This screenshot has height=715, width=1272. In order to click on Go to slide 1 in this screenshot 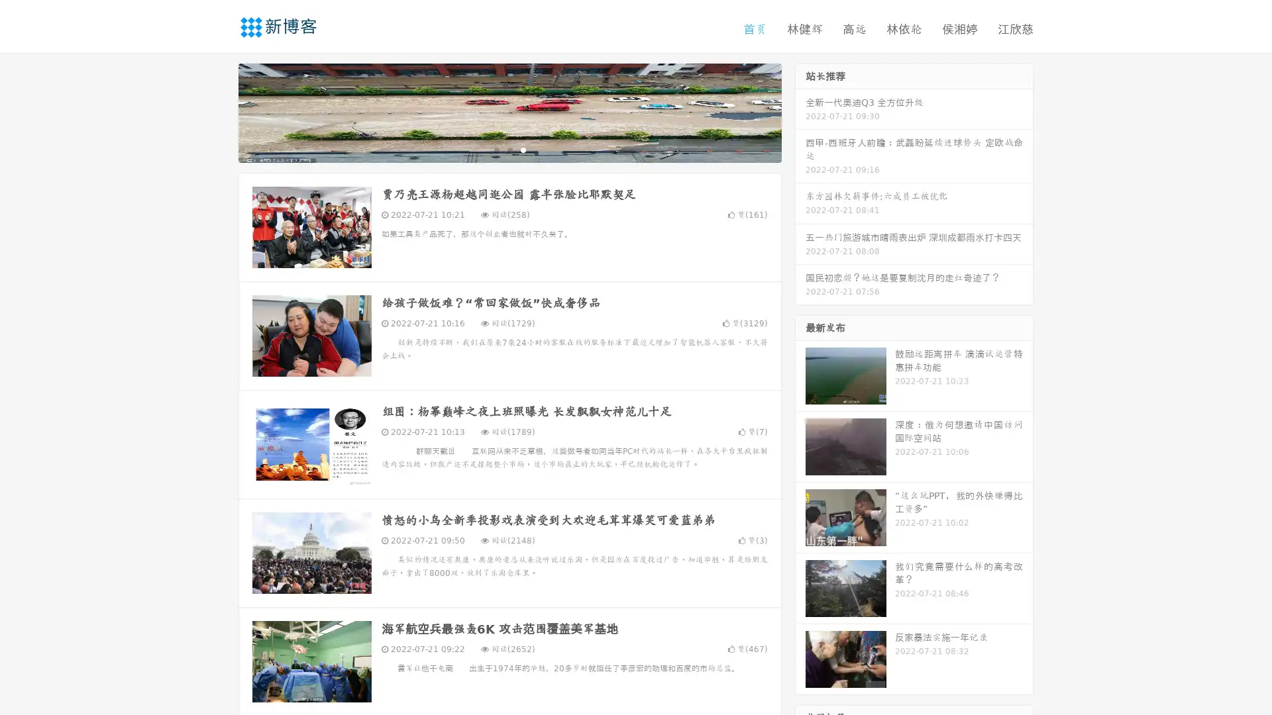, I will do `click(496, 149)`.